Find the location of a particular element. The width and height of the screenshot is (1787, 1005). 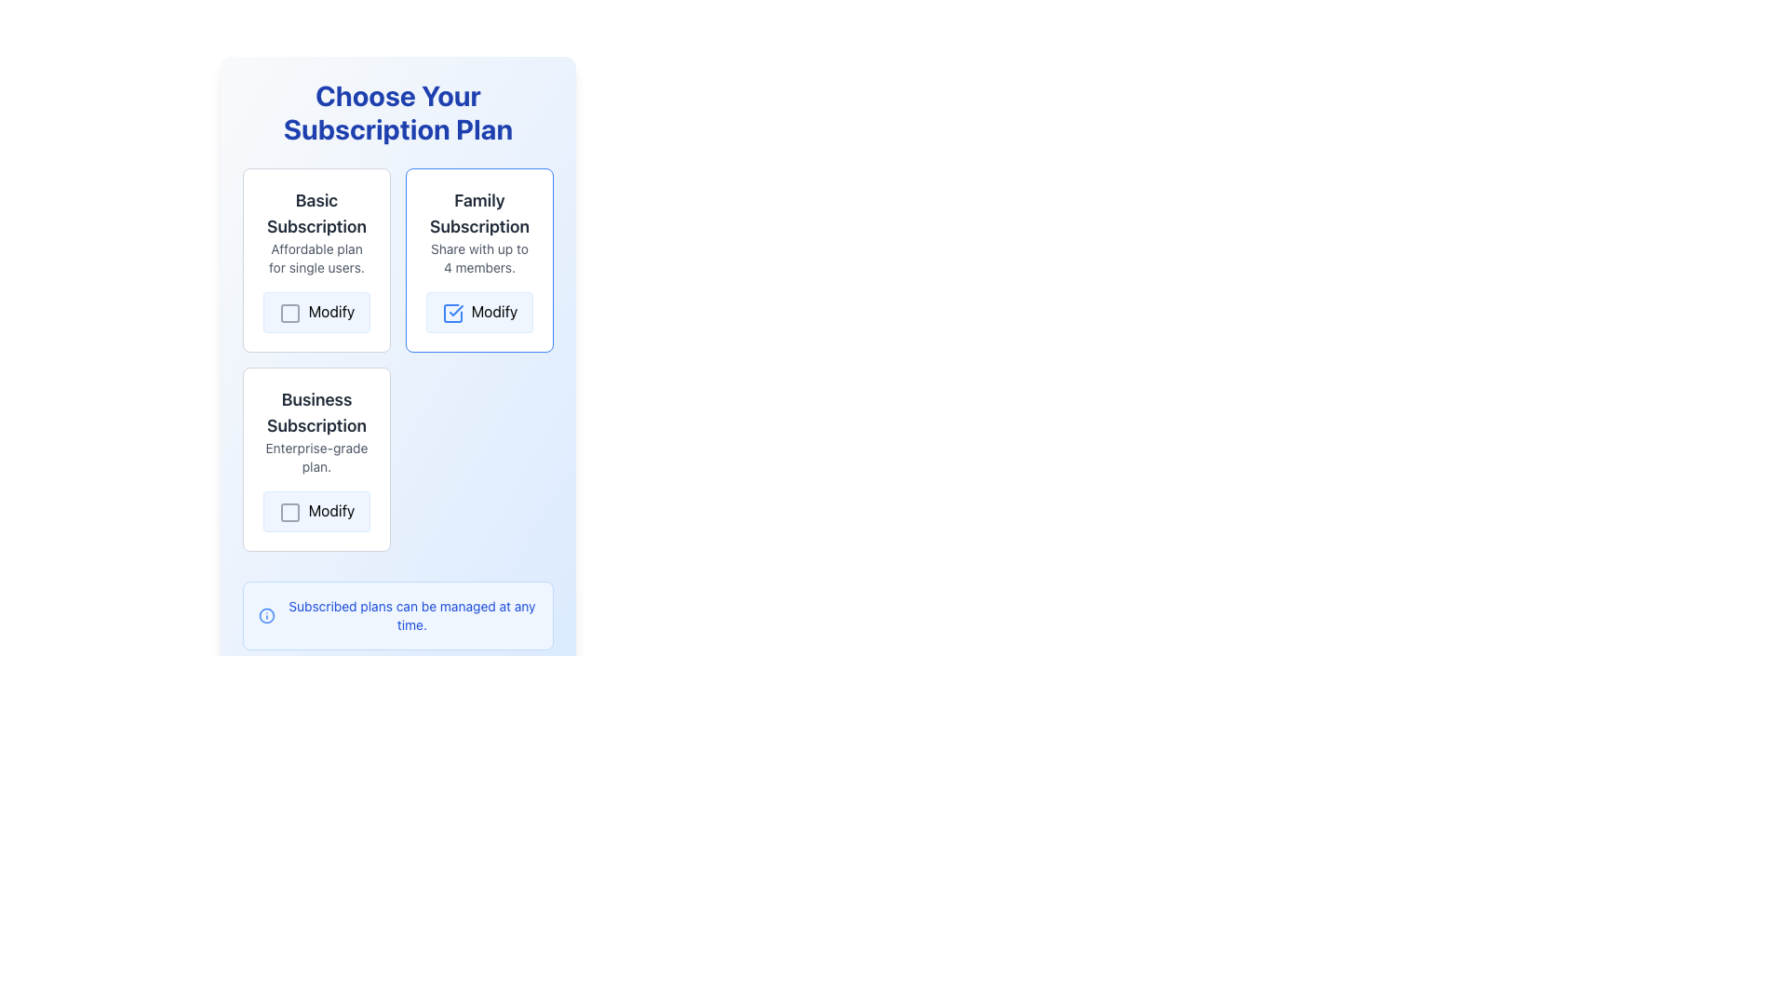

the text label displaying 'Enterprise-grade plan.' which is located below the 'Business Subscription' title in the third card of the left column is located at coordinates (316, 457).